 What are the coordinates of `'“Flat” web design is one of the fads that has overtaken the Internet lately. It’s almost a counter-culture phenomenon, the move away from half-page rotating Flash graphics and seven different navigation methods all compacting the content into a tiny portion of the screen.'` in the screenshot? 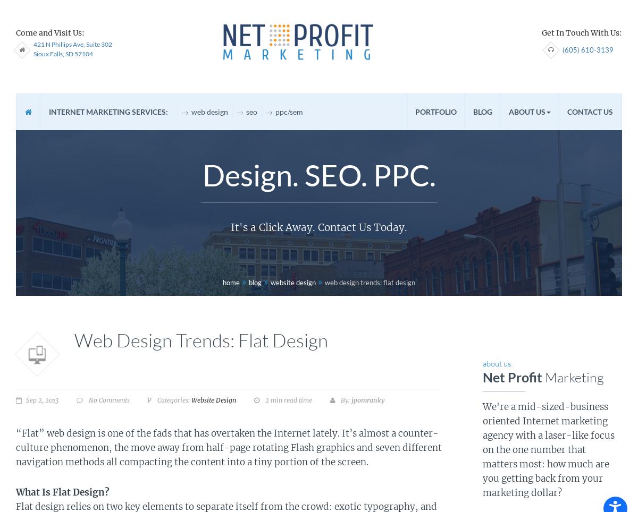 It's located at (229, 446).